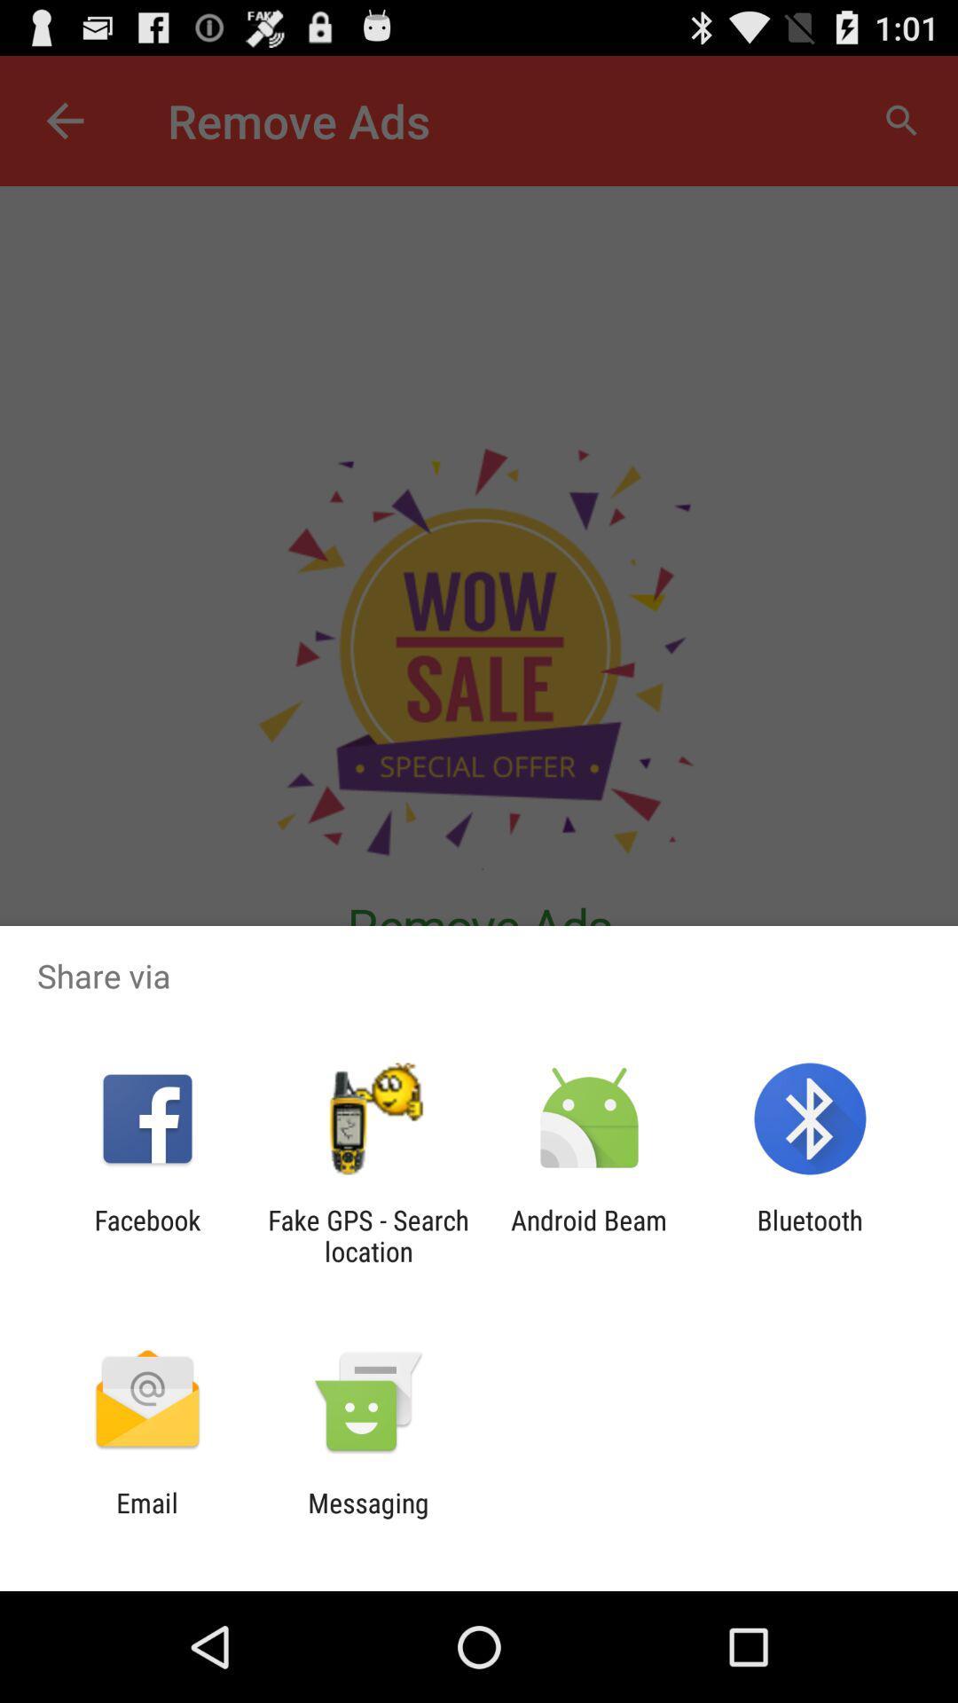 The height and width of the screenshot is (1703, 958). I want to click on the android beam, so click(589, 1235).